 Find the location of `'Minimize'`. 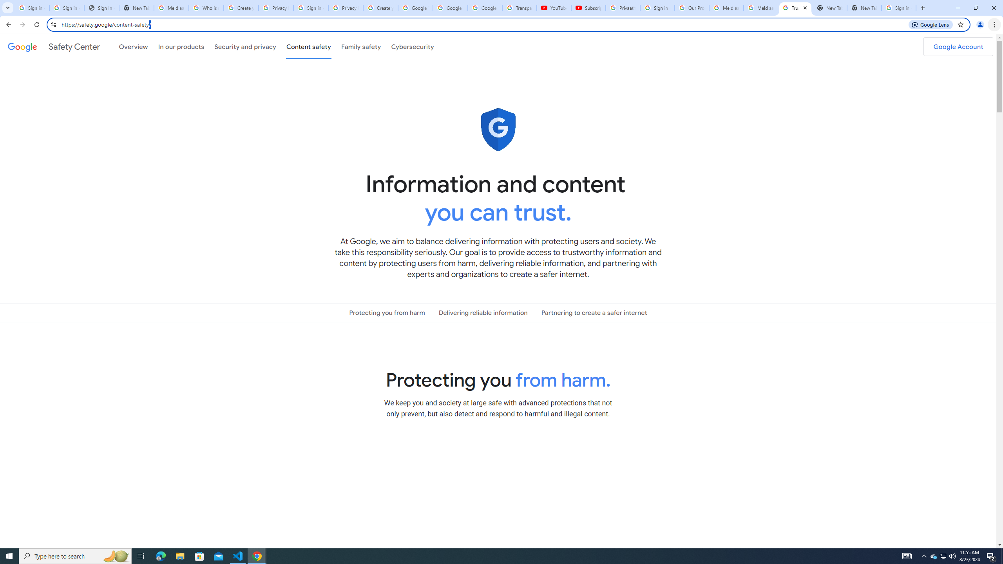

'Minimize' is located at coordinates (957, 7).